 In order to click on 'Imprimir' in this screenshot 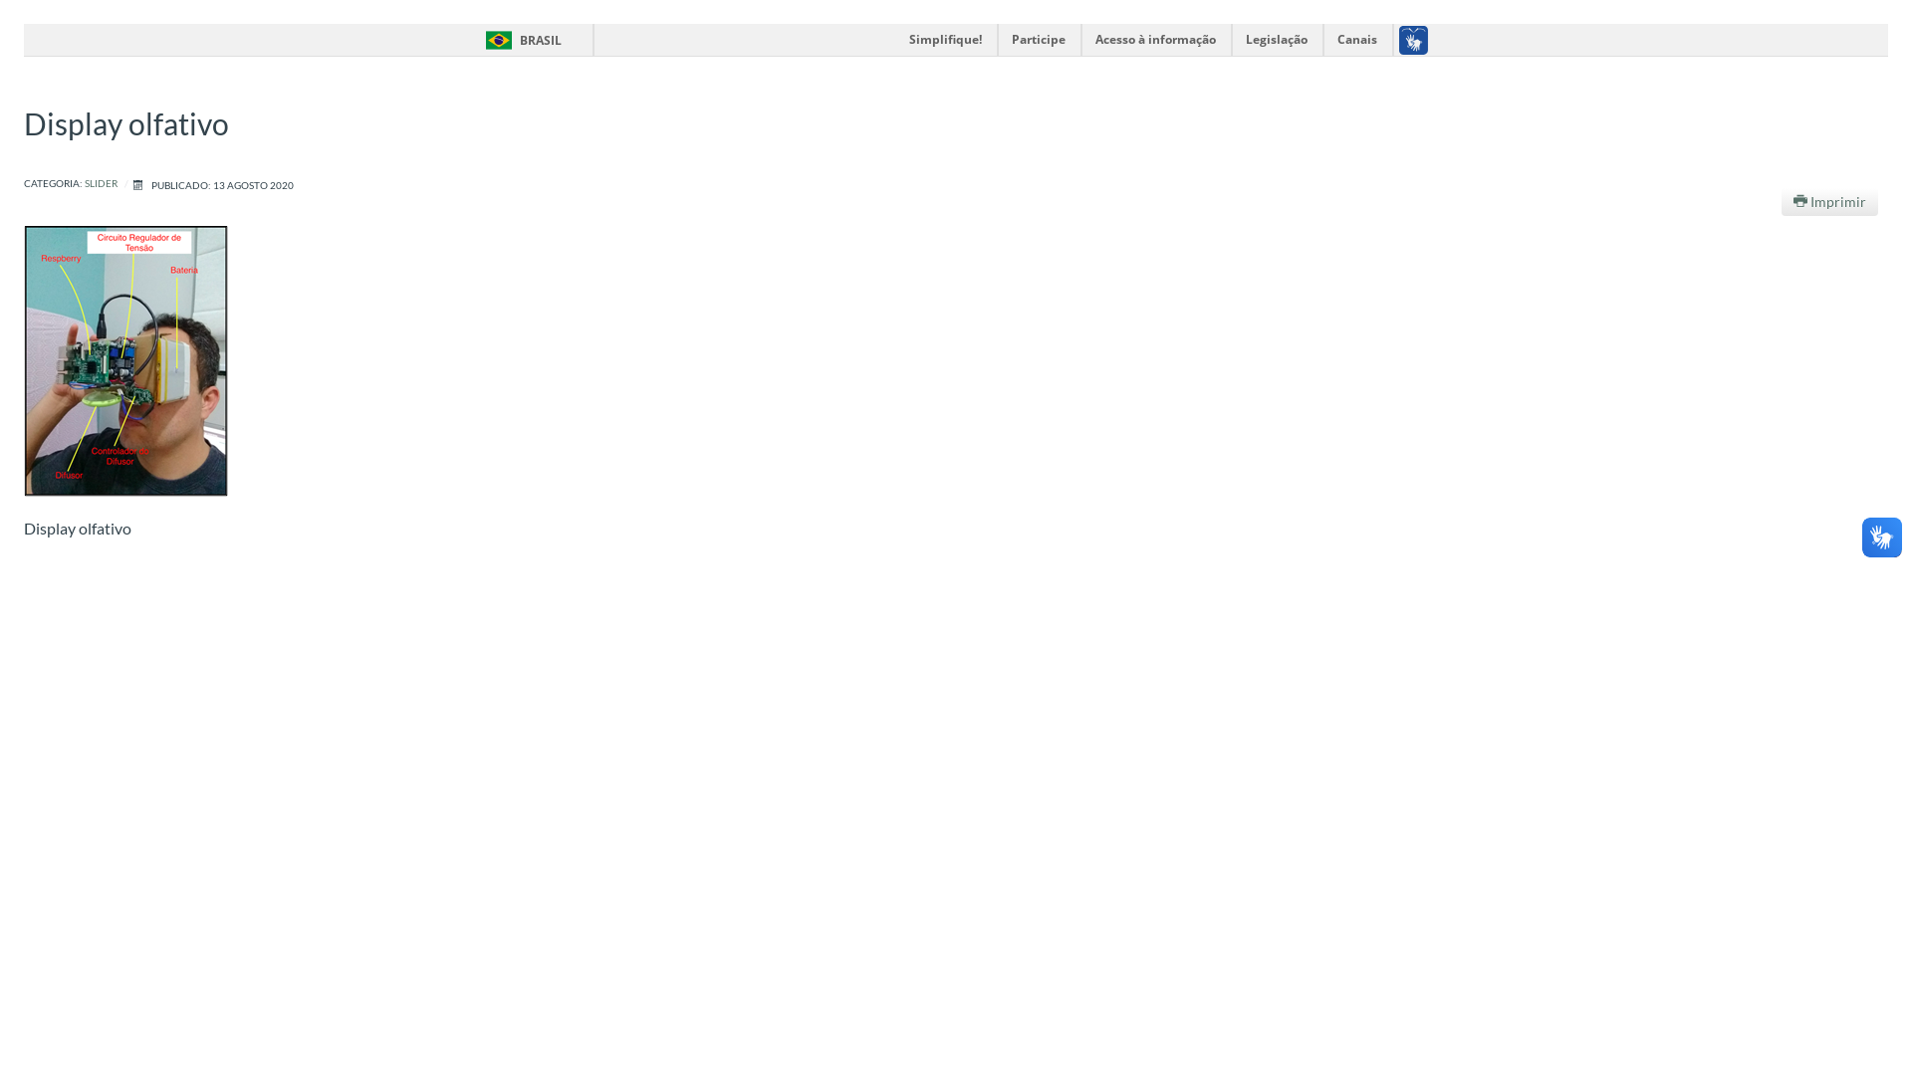, I will do `click(1829, 201)`.